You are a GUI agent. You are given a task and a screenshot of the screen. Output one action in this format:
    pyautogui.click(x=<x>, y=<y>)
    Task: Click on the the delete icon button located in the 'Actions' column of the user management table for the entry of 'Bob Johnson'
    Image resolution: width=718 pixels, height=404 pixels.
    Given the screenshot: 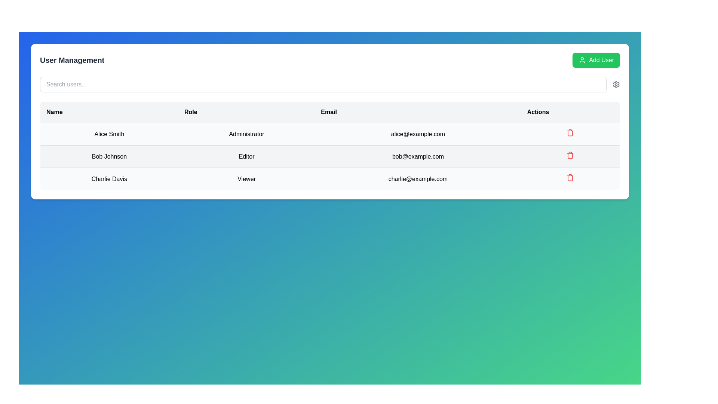 What is the action you would take?
    pyautogui.click(x=570, y=156)
    